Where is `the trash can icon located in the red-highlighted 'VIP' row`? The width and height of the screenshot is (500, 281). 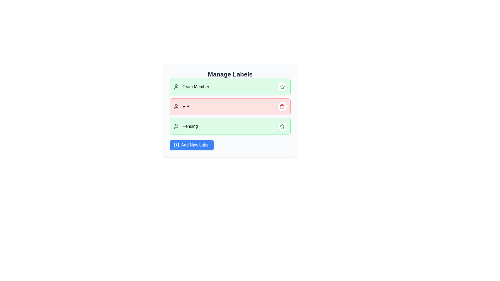 the trash can icon located in the red-highlighted 'VIP' row is located at coordinates (282, 106).